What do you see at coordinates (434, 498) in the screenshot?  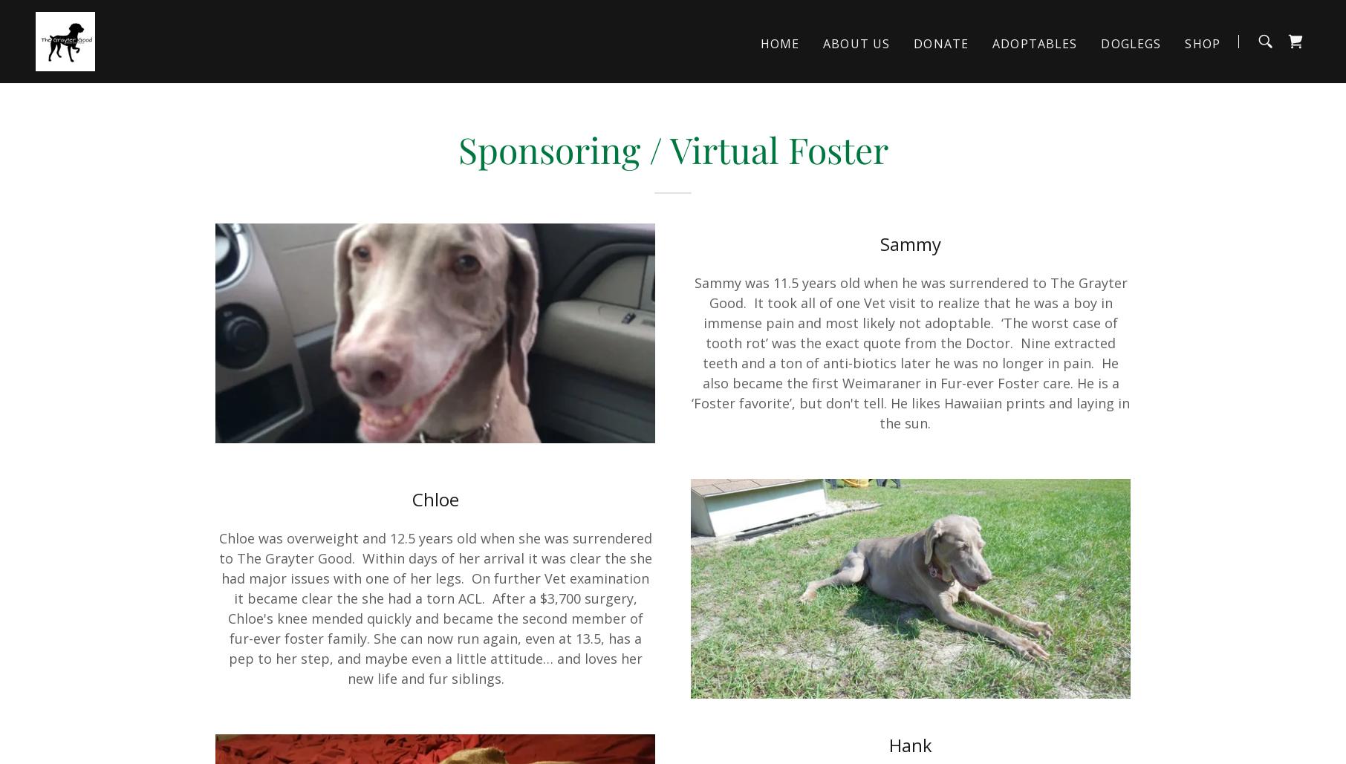 I see `'Chloe'` at bounding box center [434, 498].